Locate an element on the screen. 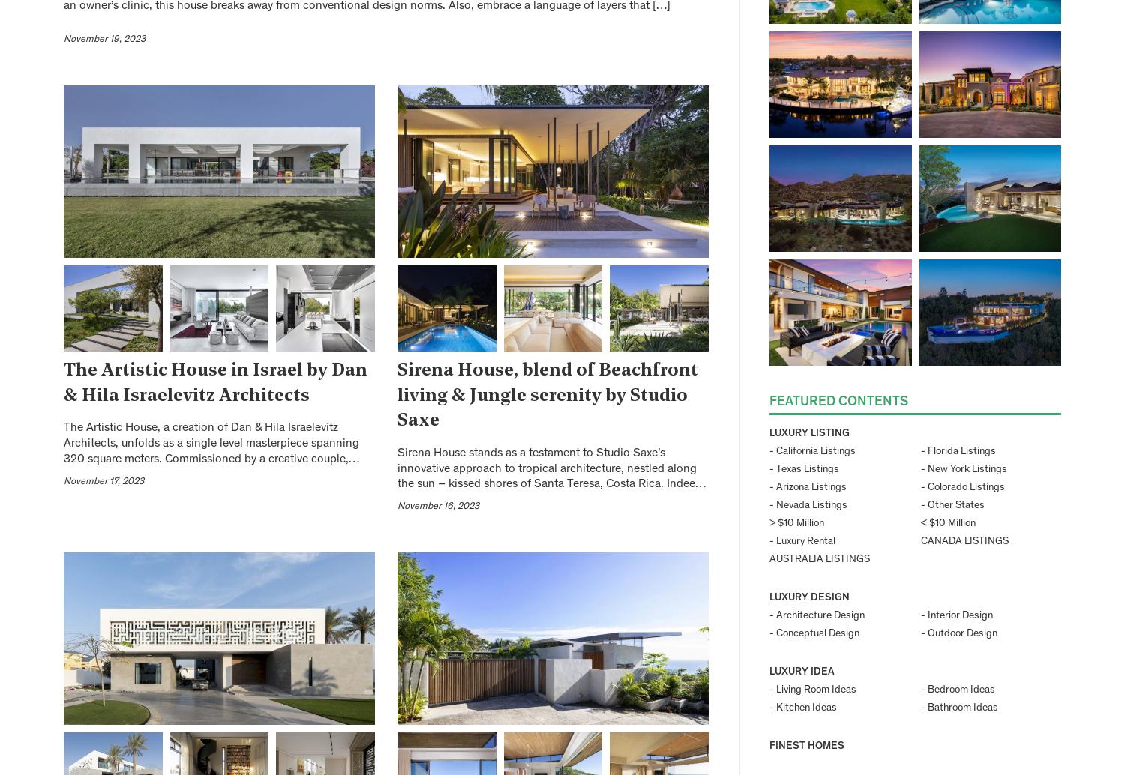 The height and width of the screenshot is (775, 1125). 'The Artistic House in Israel by Dan & Hila Israelevitz Architects' is located at coordinates (215, 382).